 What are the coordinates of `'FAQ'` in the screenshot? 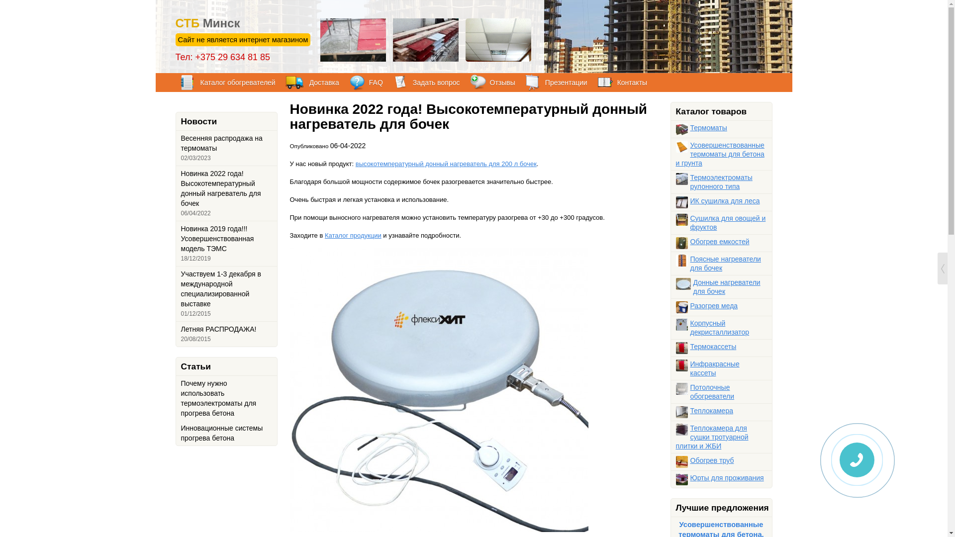 It's located at (349, 82).